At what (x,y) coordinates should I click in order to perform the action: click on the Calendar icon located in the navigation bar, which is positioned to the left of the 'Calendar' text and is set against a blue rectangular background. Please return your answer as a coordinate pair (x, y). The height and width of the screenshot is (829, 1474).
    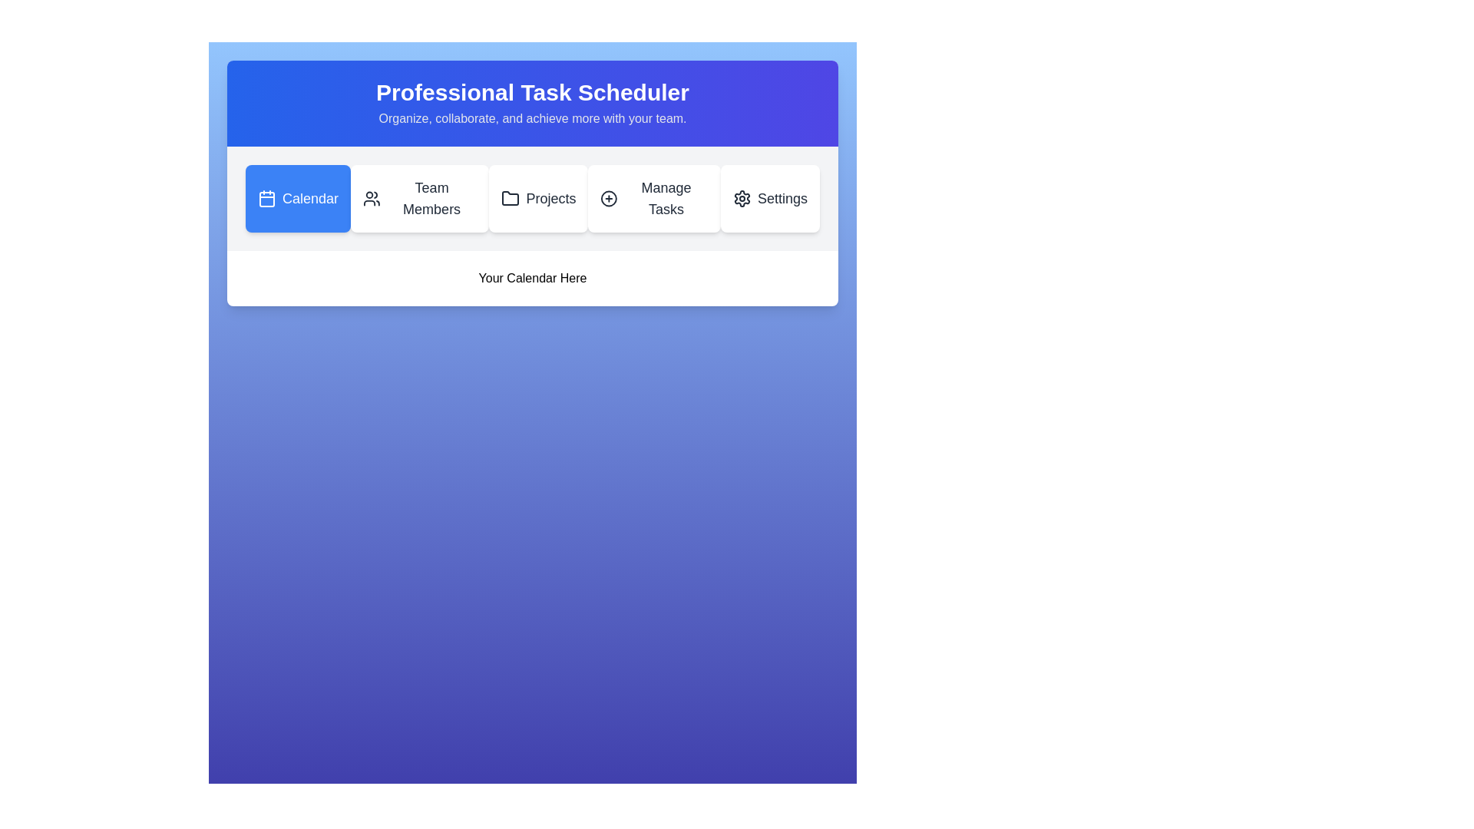
    Looking at the image, I should click on (266, 197).